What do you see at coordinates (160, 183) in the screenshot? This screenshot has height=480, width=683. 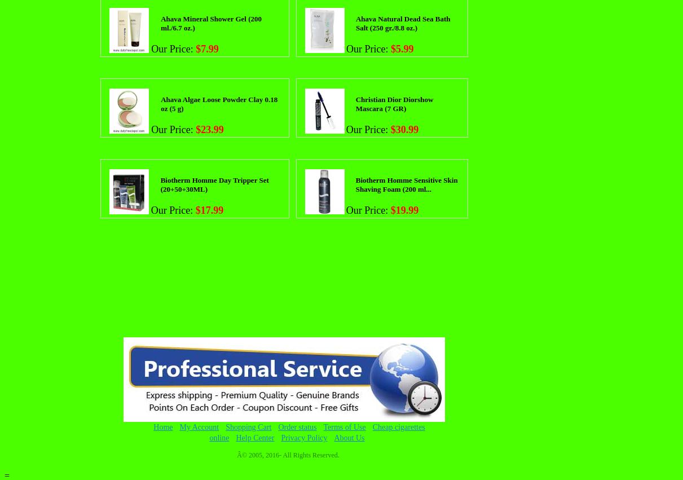 I see `'Biotherm Homme Day Tripper Set (20+50+30ML)'` at bounding box center [160, 183].